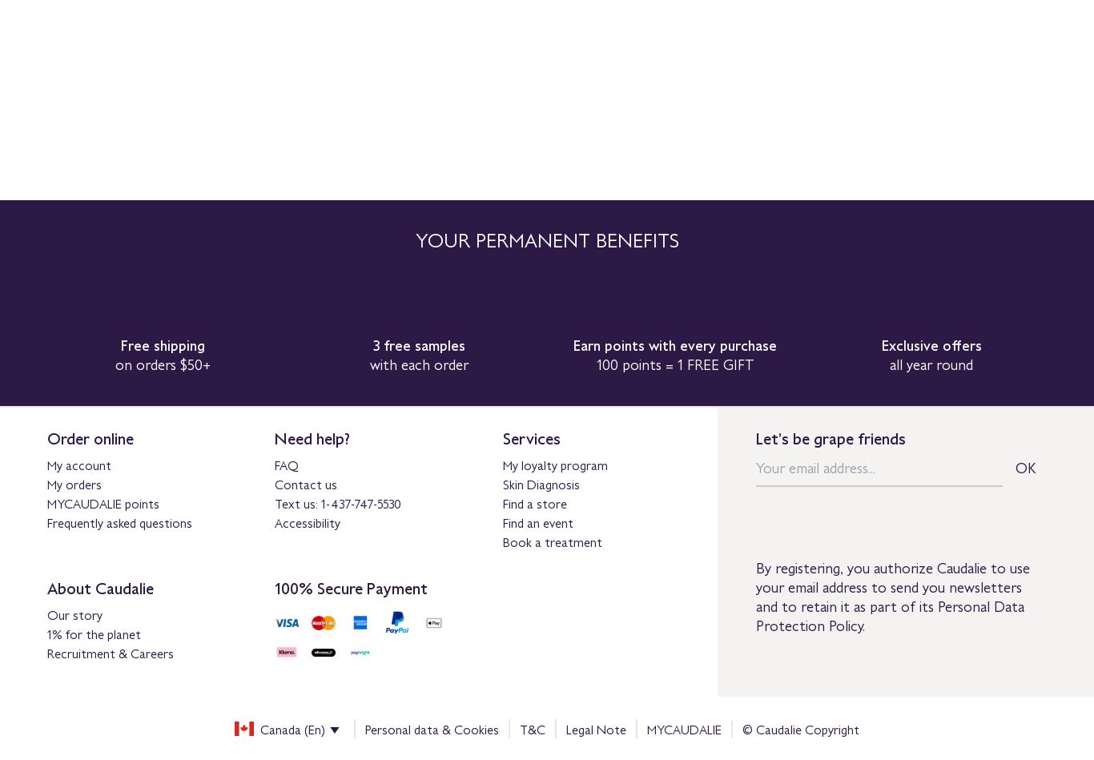  Describe the element at coordinates (830, 436) in the screenshot. I see `'Let’s be grape friends'` at that location.